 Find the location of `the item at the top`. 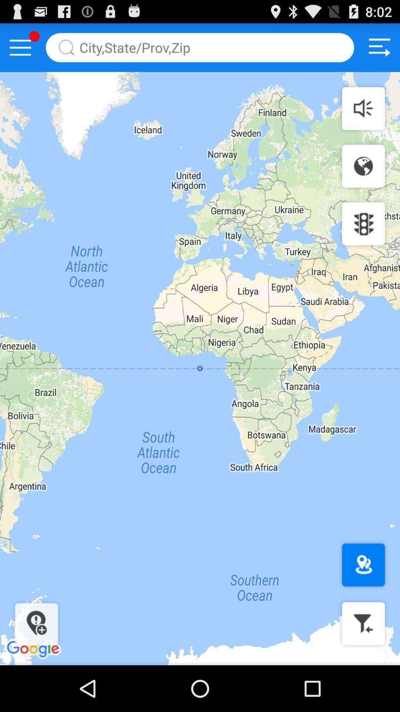

the item at the top is located at coordinates (200, 47).